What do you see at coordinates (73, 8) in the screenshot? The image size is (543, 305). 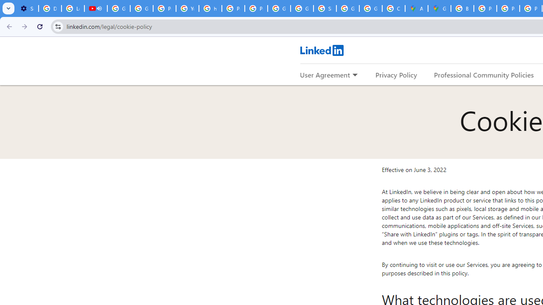 I see `'Learn how to find your photos - Google Photos Help'` at bounding box center [73, 8].